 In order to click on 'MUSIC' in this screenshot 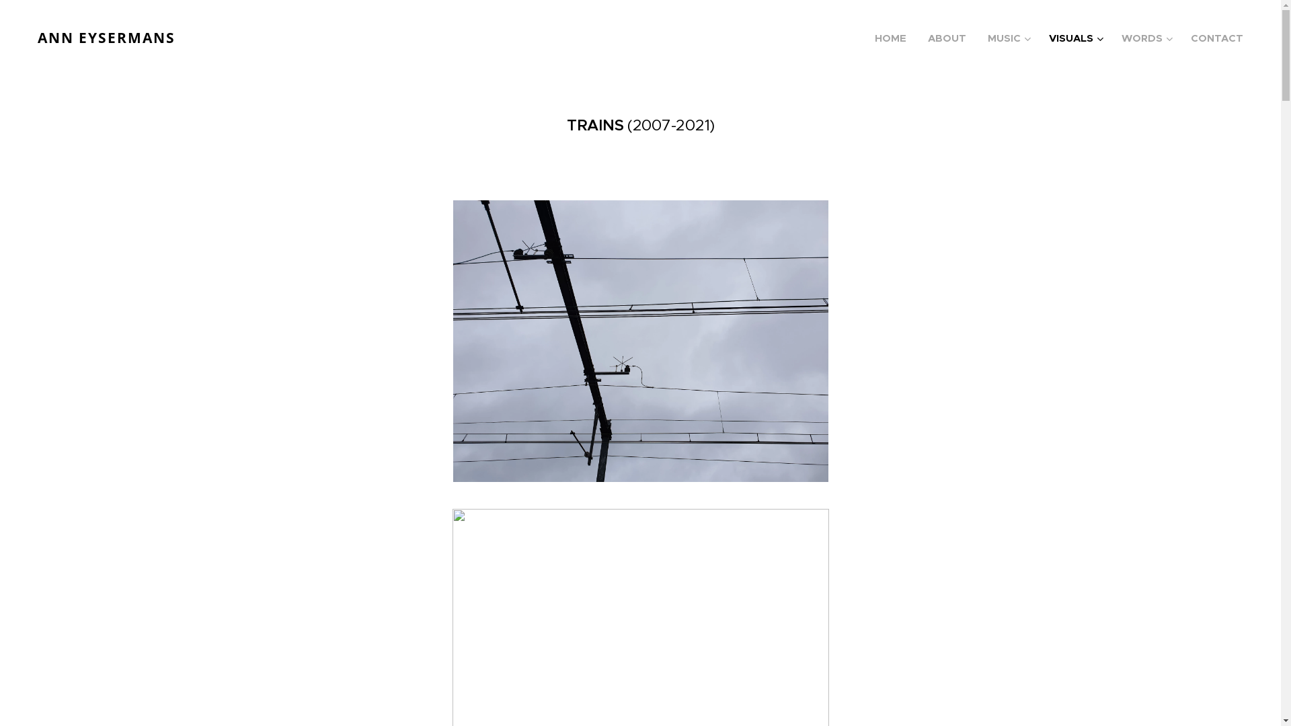, I will do `click(1007, 38)`.